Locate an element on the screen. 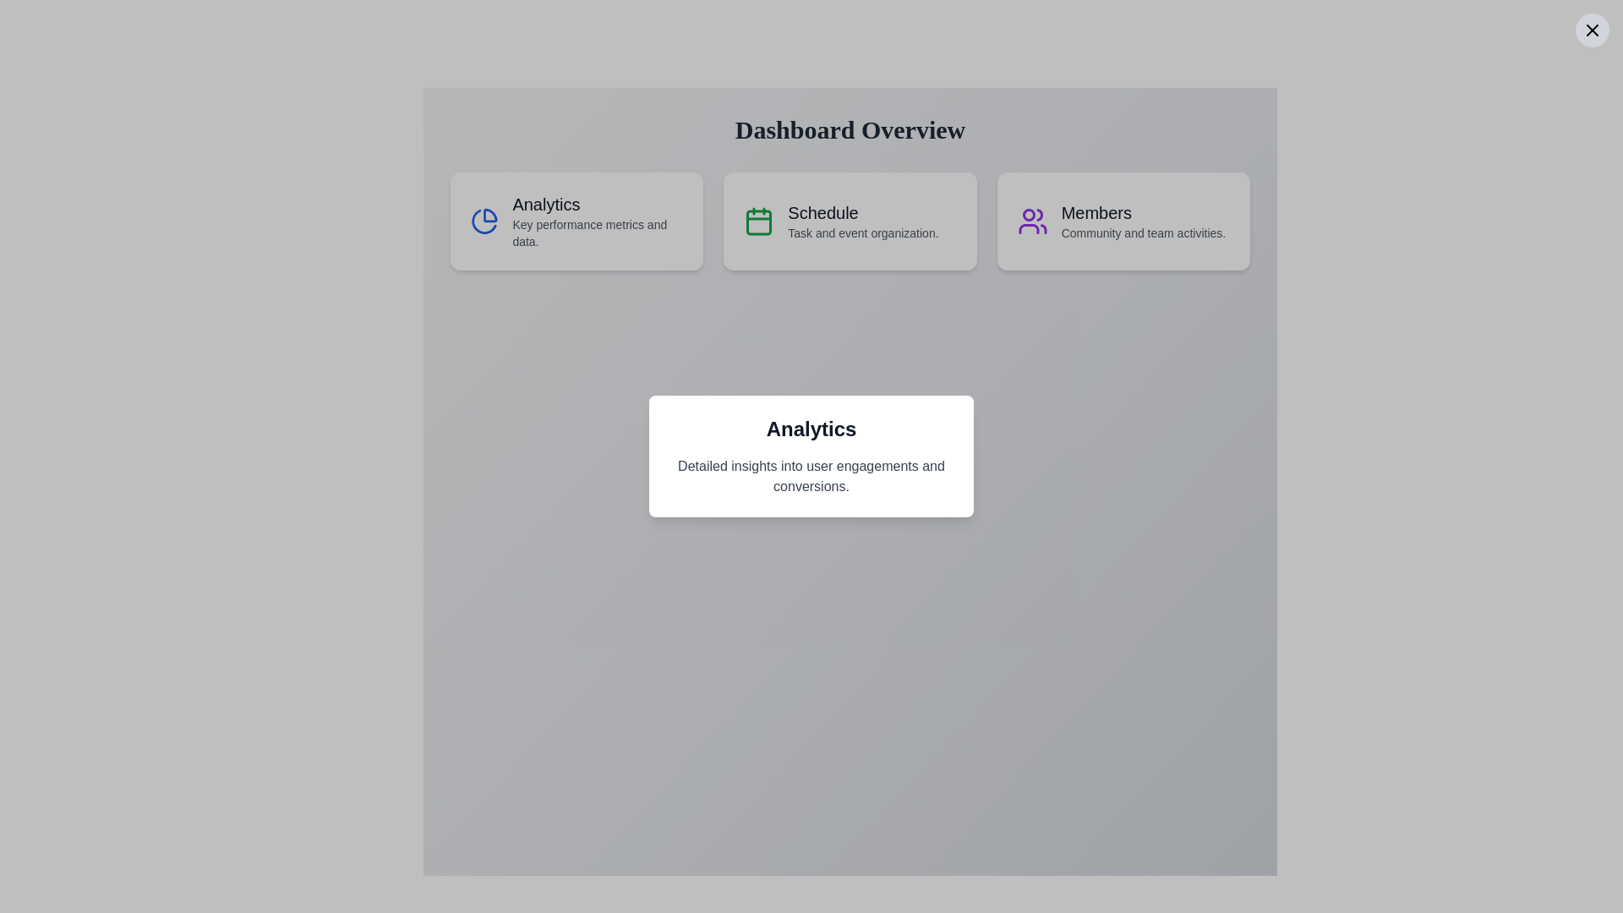 This screenshot has height=913, width=1623. the right segment of the pie chart-like icon associated with the 'Analytics' feature, located on the left of the 'Analytics' tab in the top section of the interface is located at coordinates (489, 215).